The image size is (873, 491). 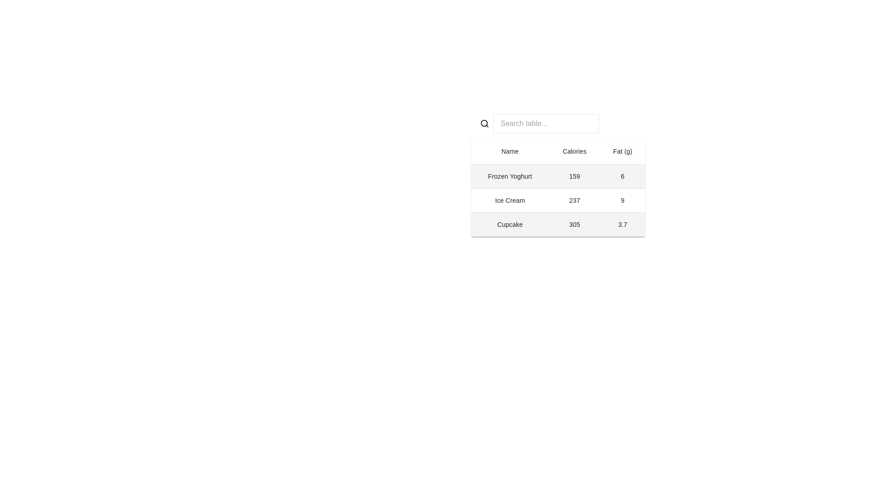 What do you see at coordinates (622, 151) in the screenshot?
I see `text of the third column header in the table, which indicates fat content measured in grams` at bounding box center [622, 151].